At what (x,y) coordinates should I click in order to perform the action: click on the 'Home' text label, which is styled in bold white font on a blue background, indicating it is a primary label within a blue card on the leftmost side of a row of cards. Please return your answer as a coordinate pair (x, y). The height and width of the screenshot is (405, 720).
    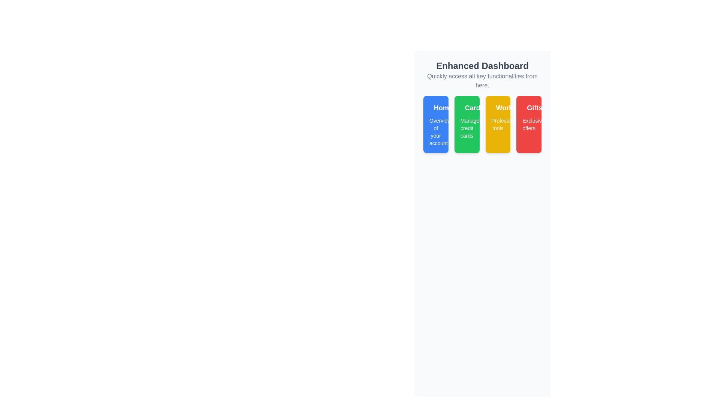
    Looking at the image, I should click on (443, 108).